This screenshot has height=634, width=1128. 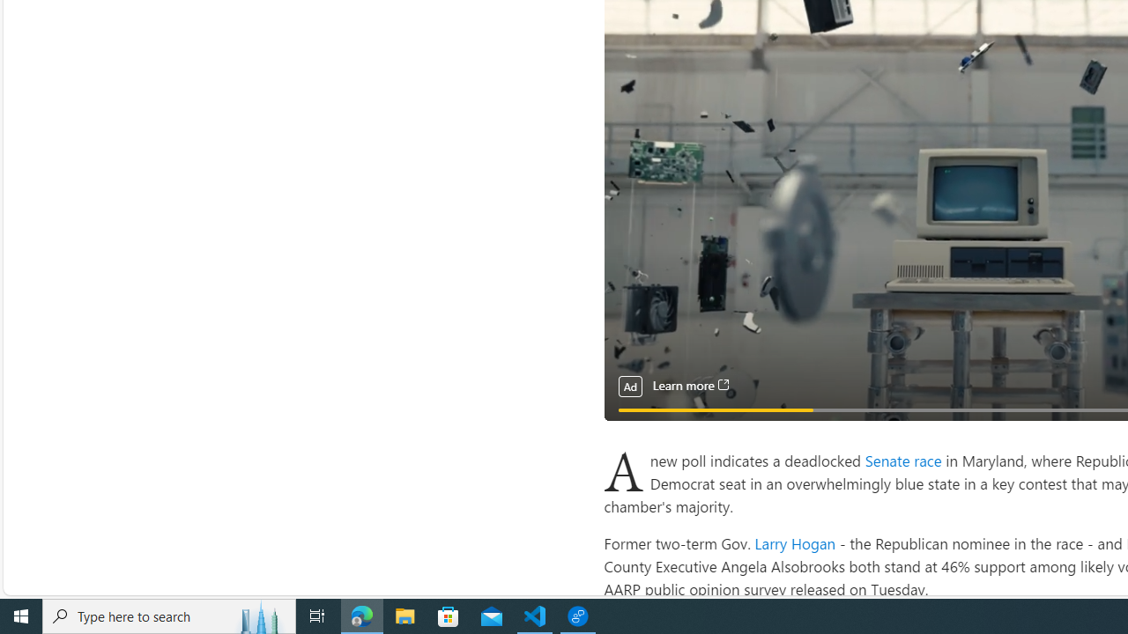 I want to click on 'Larry Hogan', so click(x=794, y=542).